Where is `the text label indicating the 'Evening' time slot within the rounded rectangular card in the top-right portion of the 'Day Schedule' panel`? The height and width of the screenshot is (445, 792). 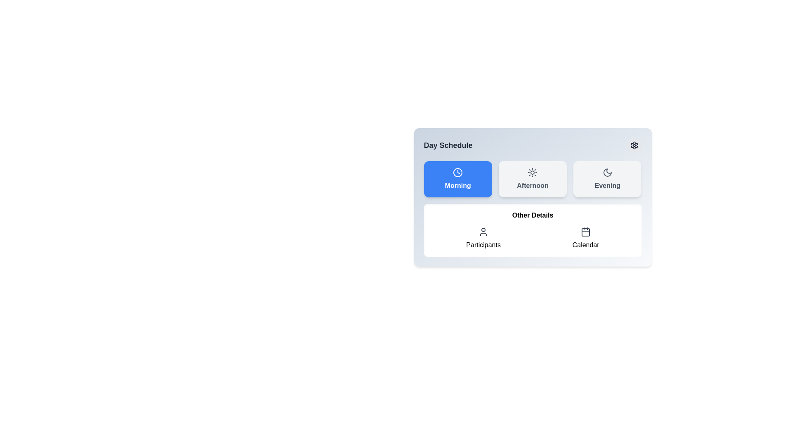 the text label indicating the 'Evening' time slot within the rounded rectangular card in the top-right portion of the 'Day Schedule' panel is located at coordinates (607, 186).